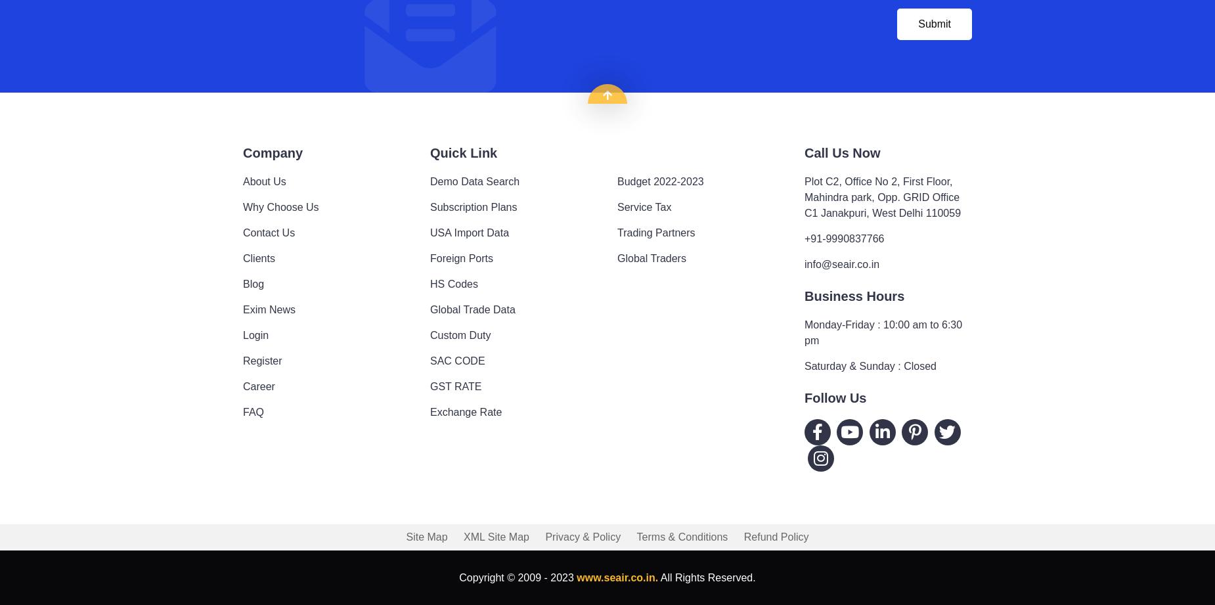 The image size is (1215, 605). I want to click on 'Site Map', so click(406, 535).